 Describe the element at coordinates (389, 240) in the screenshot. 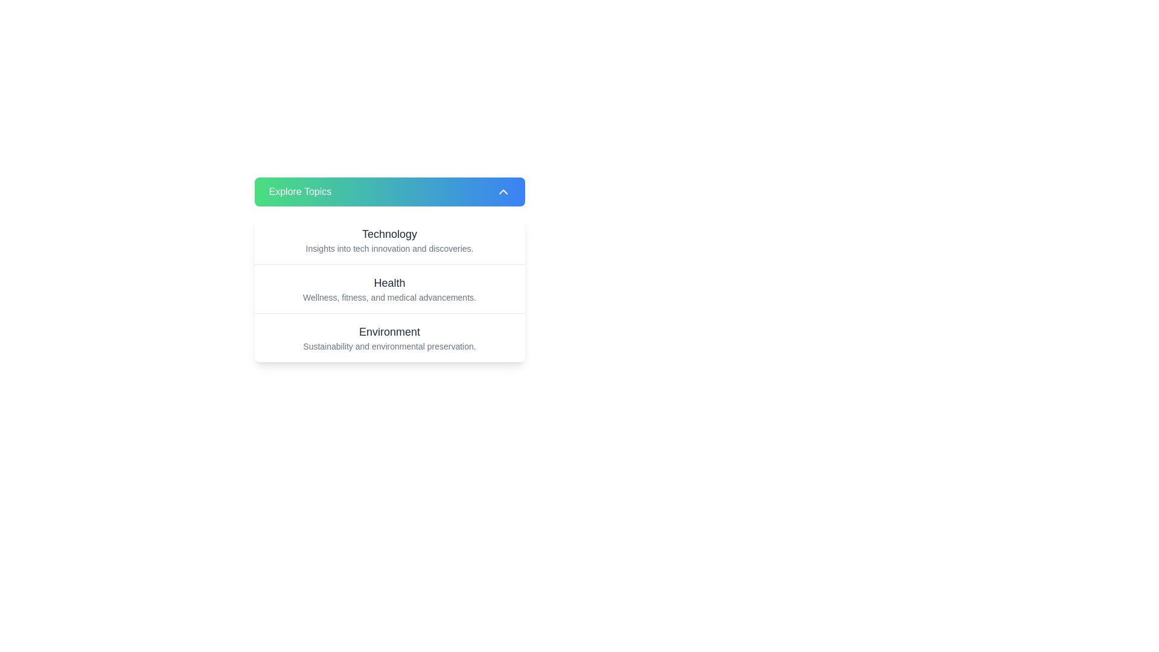

I see `the first list item labeled 'Technology' under the 'Explore Topics' header` at that location.